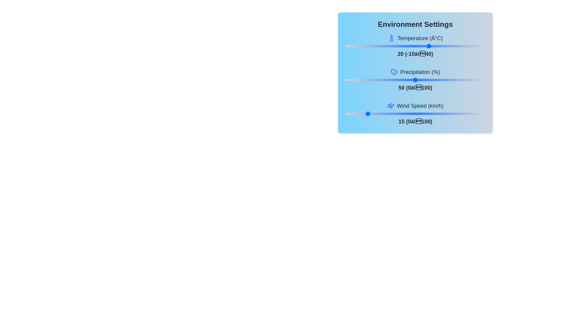  Describe the element at coordinates (440, 46) in the screenshot. I see `the temperature` at that location.